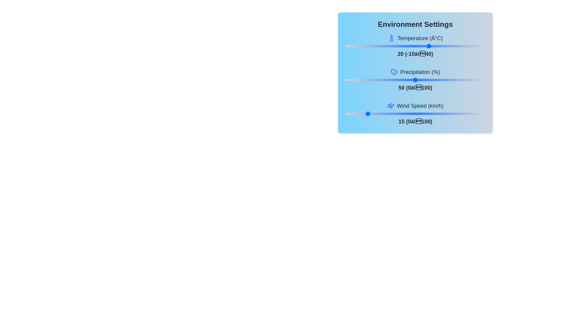  Describe the element at coordinates (440, 46) in the screenshot. I see `the temperature` at that location.